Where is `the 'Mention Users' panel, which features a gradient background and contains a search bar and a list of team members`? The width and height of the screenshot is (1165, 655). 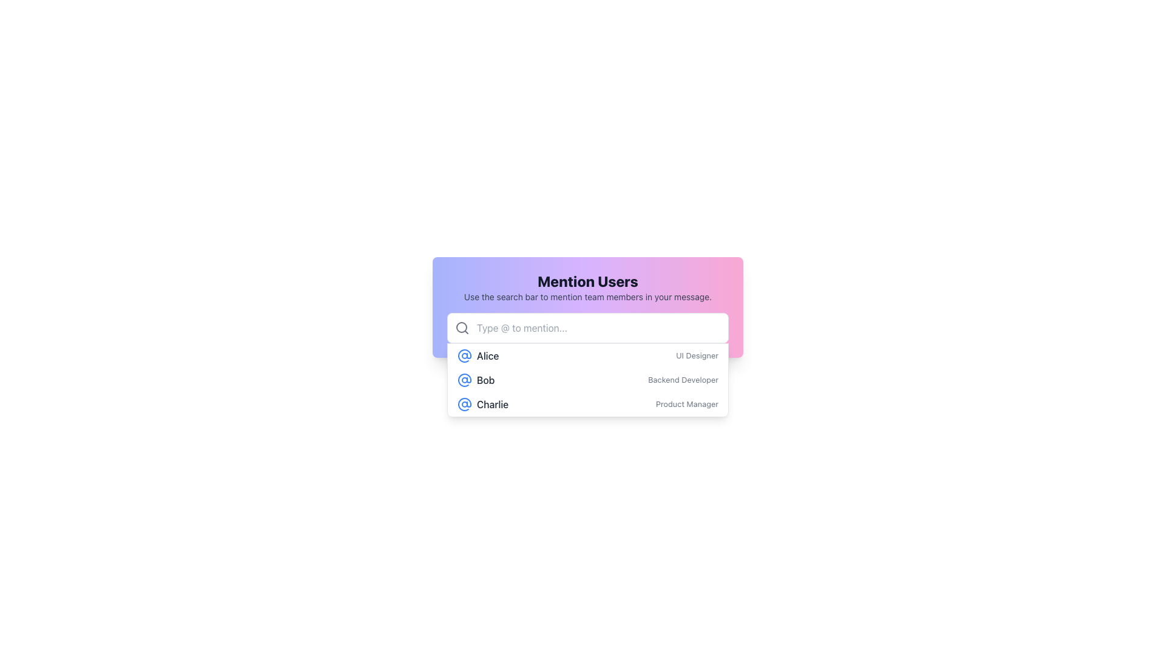 the 'Mention Users' panel, which features a gradient background and contains a search bar and a list of team members is located at coordinates (588, 306).